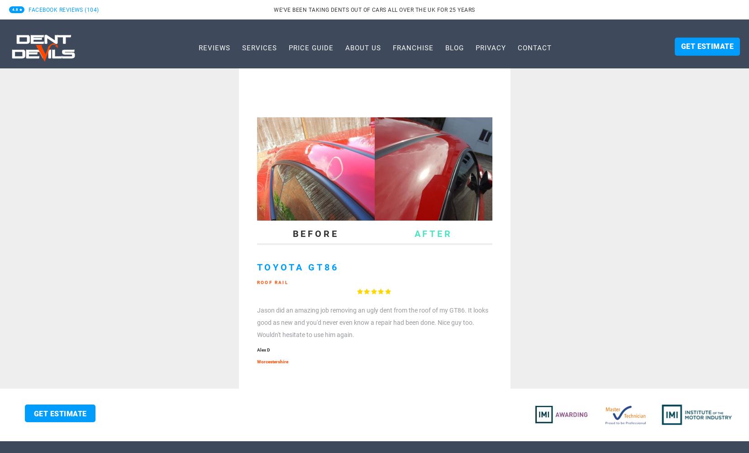  I want to click on 'WE’VE BEEN TAKING DENTS OUT OF CARS ALL OVER THE UK FOR 25 YEARS', so click(374, 10).